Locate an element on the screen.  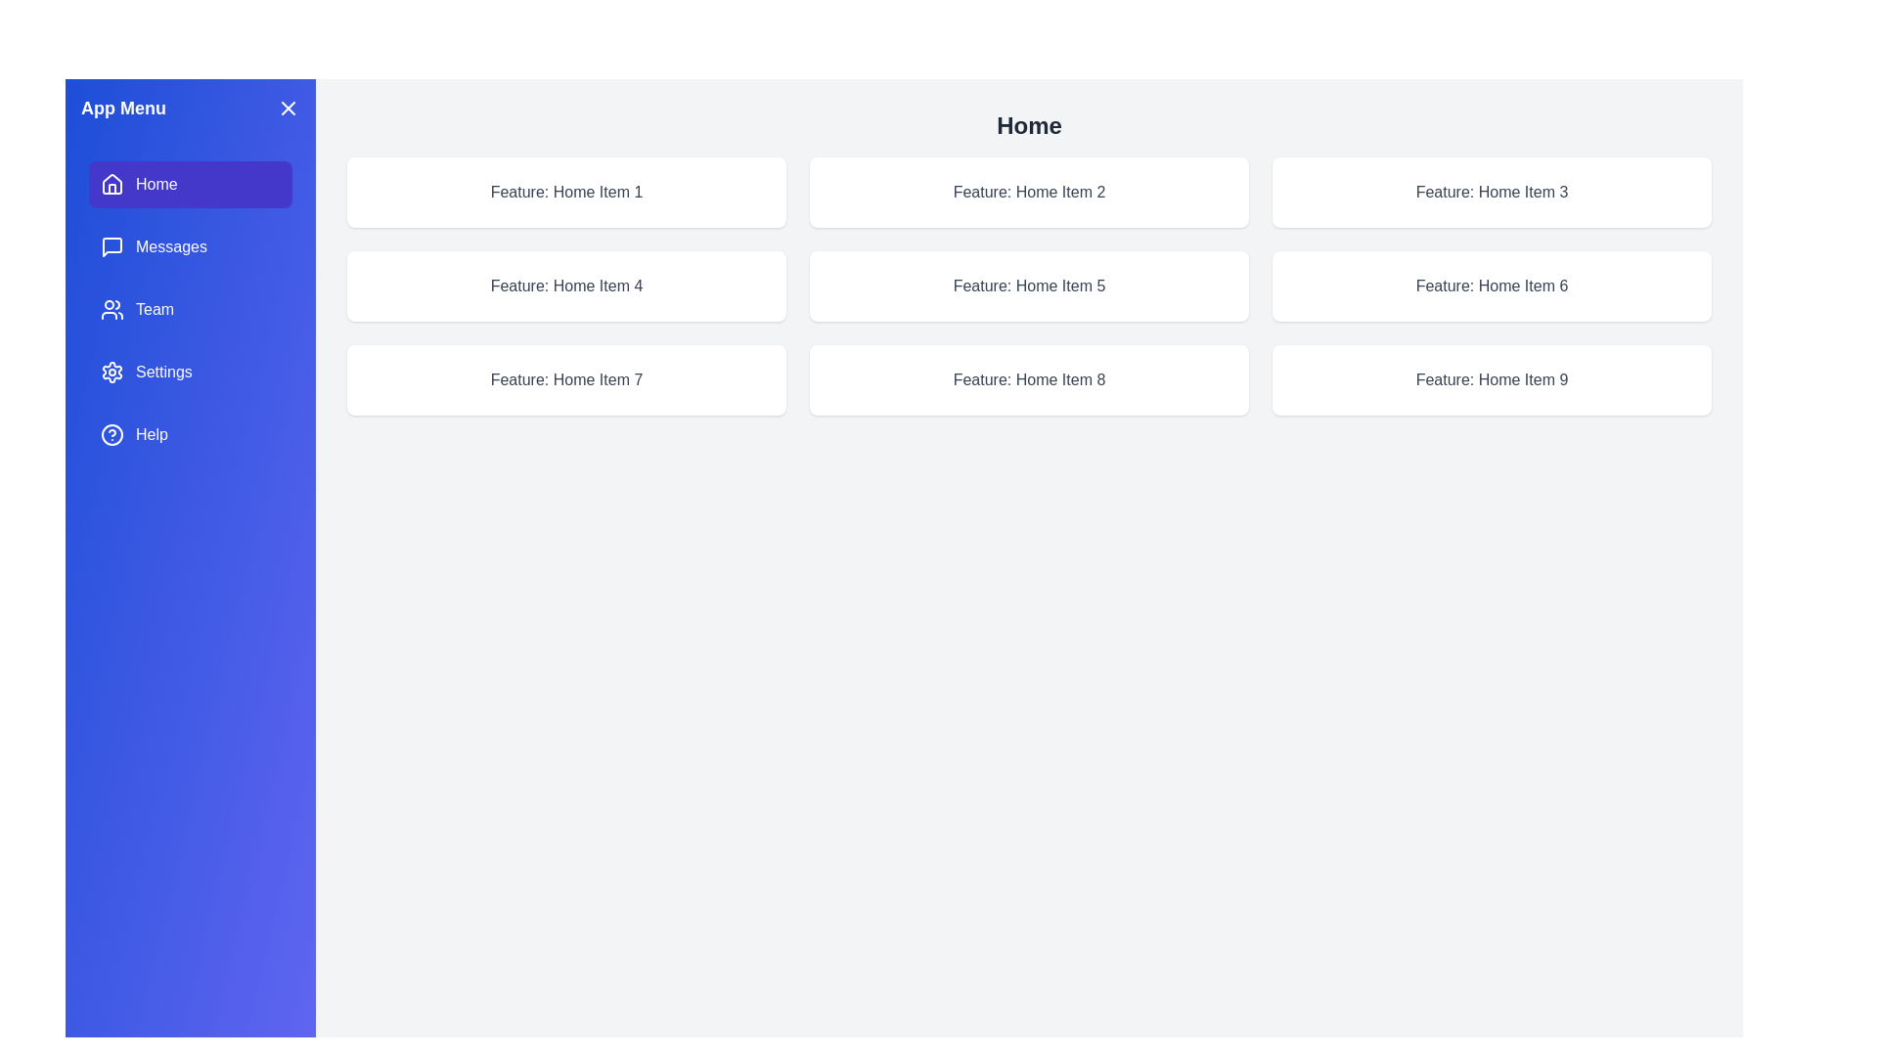
the feature Team from the menu is located at coordinates (191, 308).